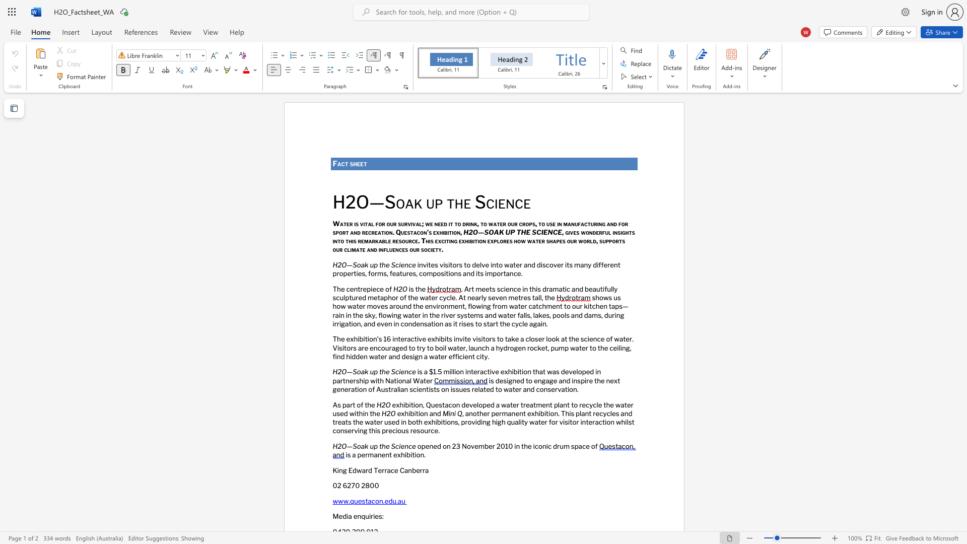  I want to click on the subset text "res tall, th" within the text ". Art meets science in this dramatic and beautifully sculptured metaphor of the water cycle. At nearly seven metres tall, the", so click(521, 297).